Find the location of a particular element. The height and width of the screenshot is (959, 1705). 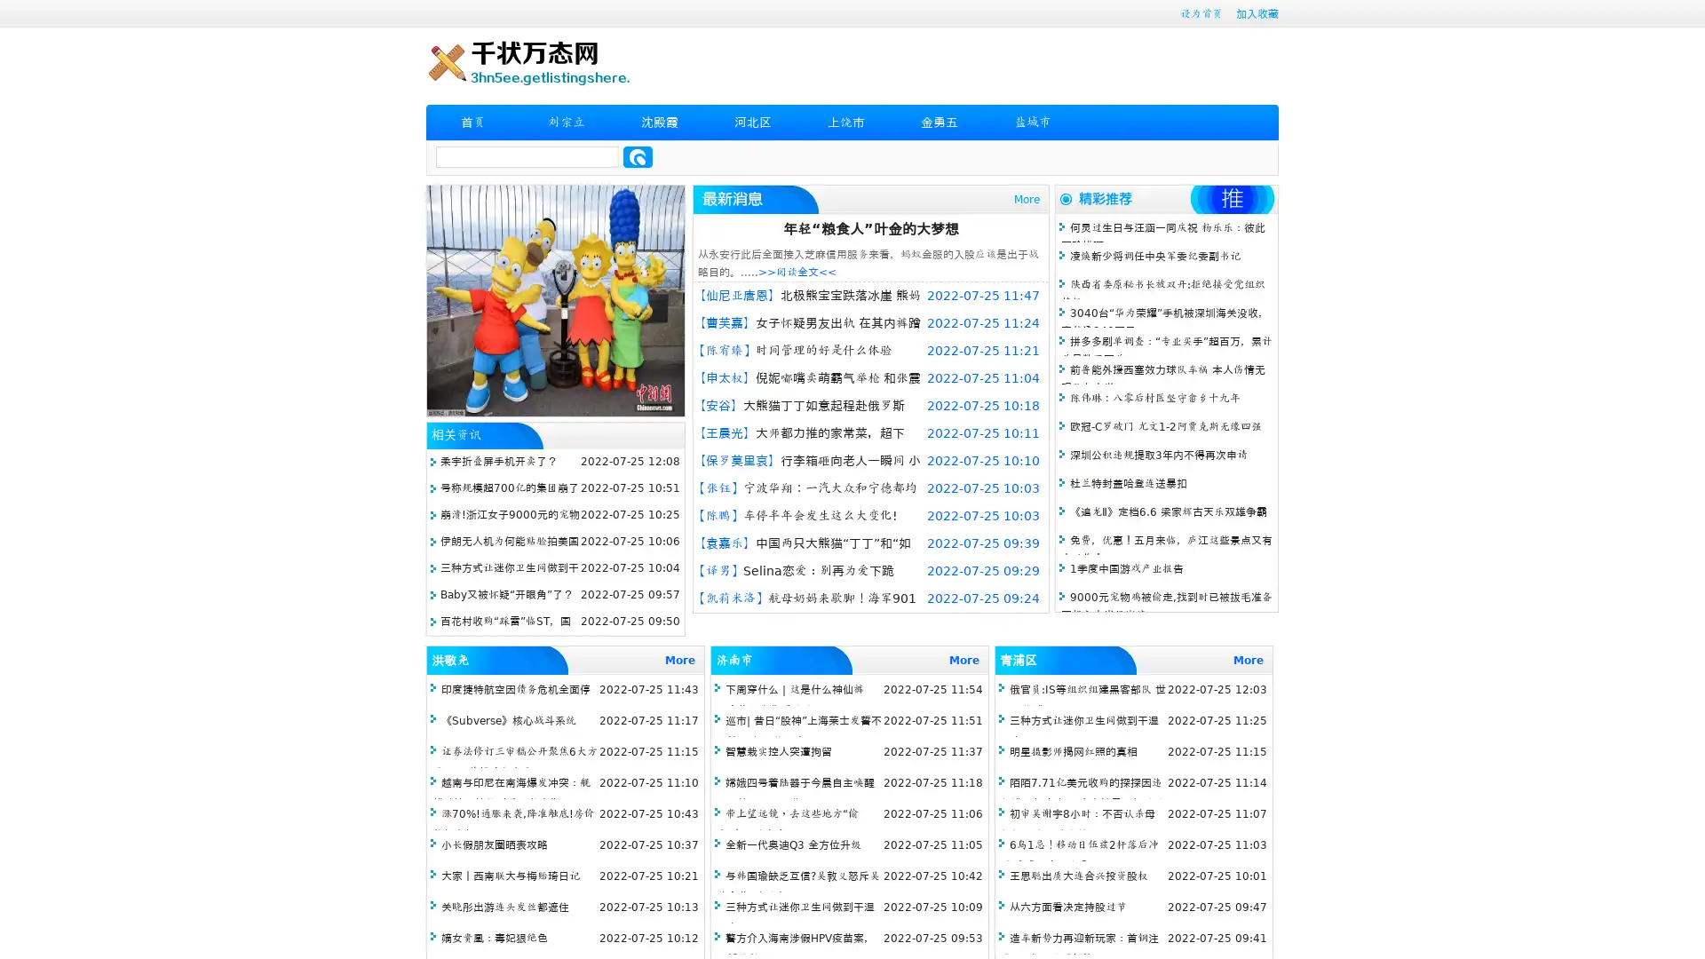

Search is located at coordinates (638, 156).